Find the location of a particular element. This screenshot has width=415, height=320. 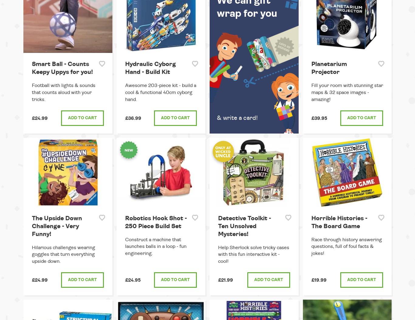

'£21.99' is located at coordinates (218, 280).